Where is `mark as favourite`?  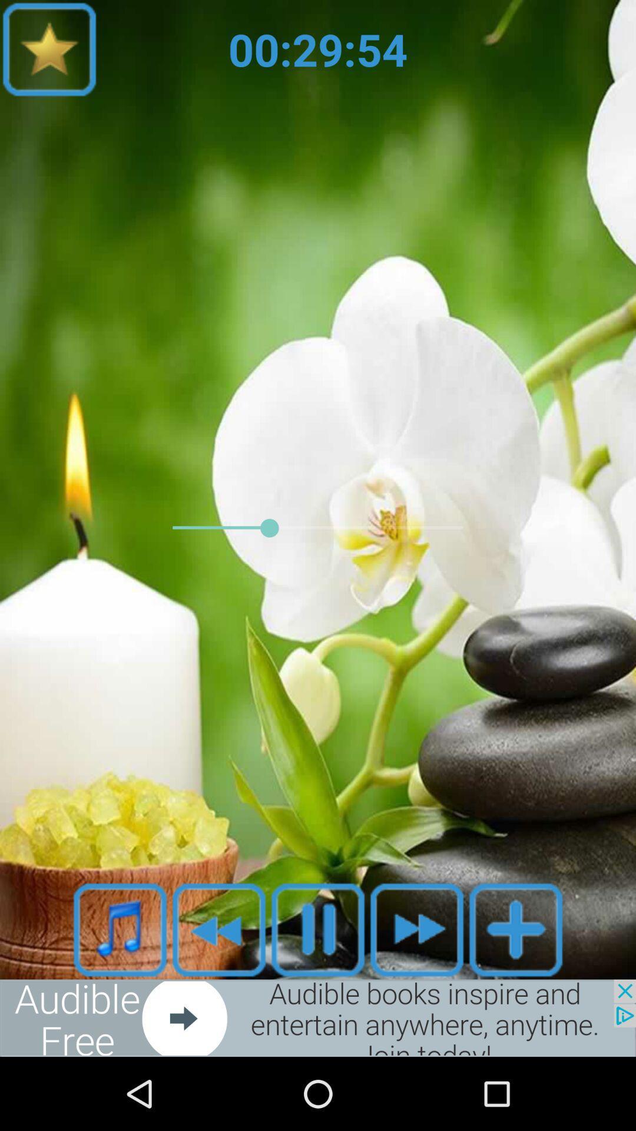
mark as favourite is located at coordinates (218, 929).